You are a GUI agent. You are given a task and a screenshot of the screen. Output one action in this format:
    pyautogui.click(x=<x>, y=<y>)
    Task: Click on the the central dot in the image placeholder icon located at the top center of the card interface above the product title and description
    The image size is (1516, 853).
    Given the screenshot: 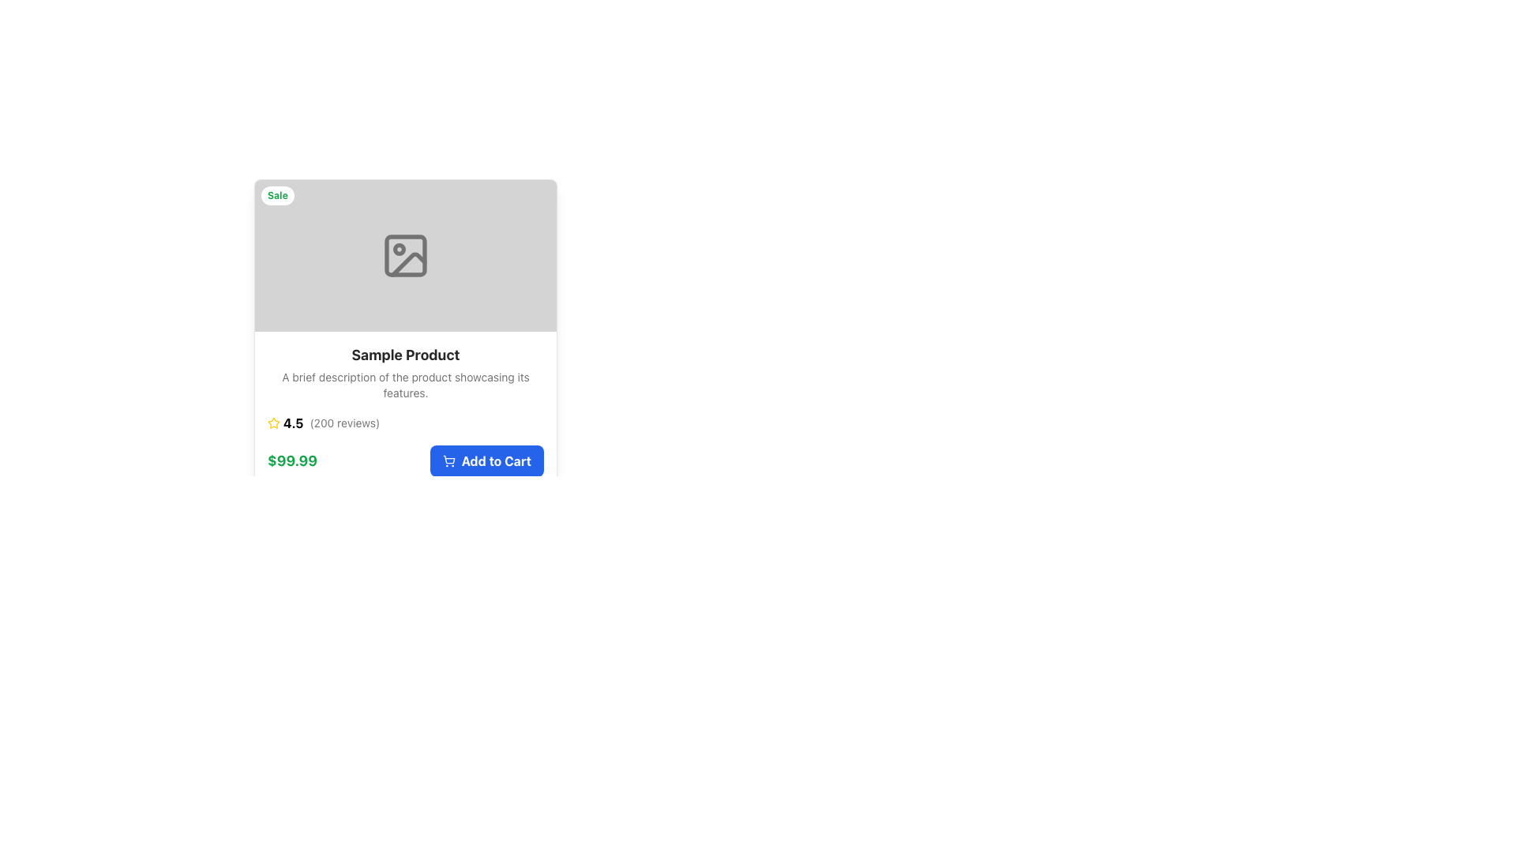 What is the action you would take?
    pyautogui.click(x=399, y=249)
    